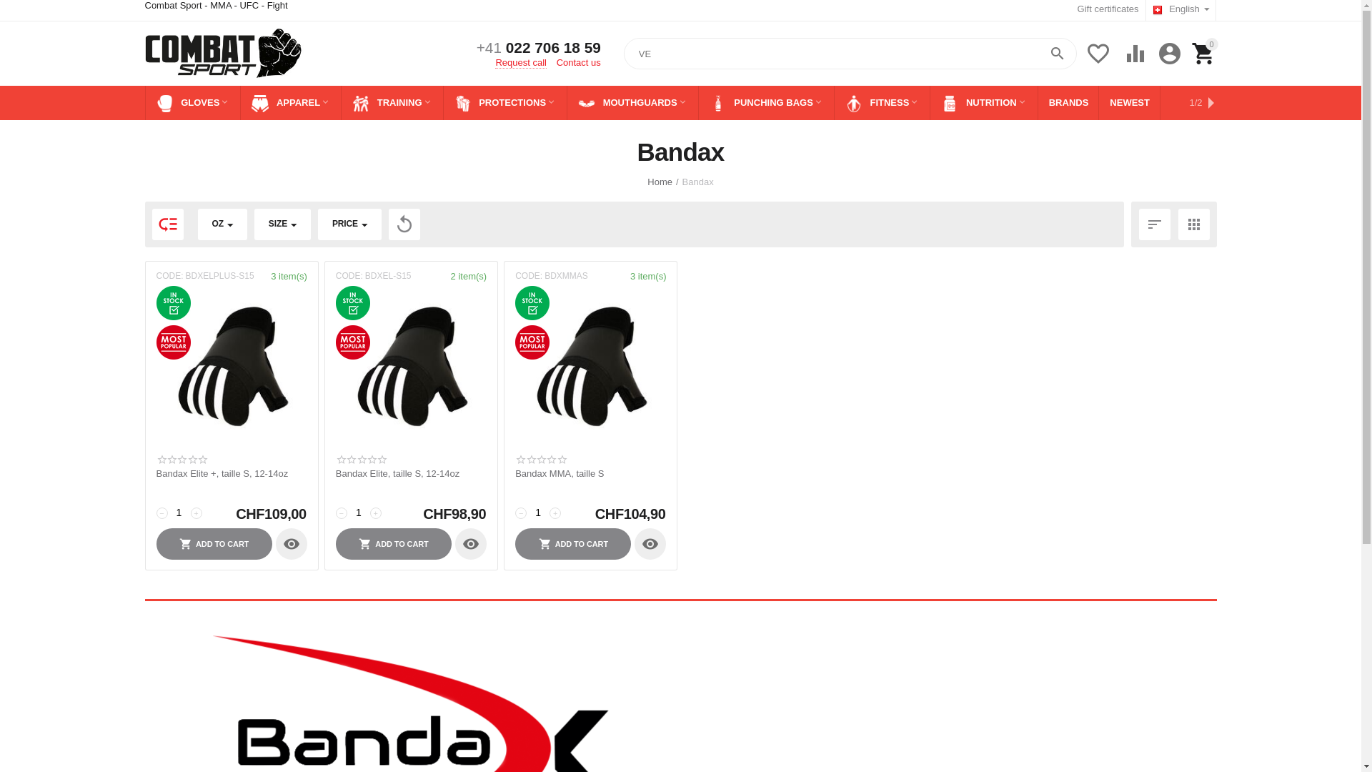 This screenshot has width=1372, height=772. What do you see at coordinates (231, 474) in the screenshot?
I see `'Bandax Elite +, taille S, 12-14oz'` at bounding box center [231, 474].